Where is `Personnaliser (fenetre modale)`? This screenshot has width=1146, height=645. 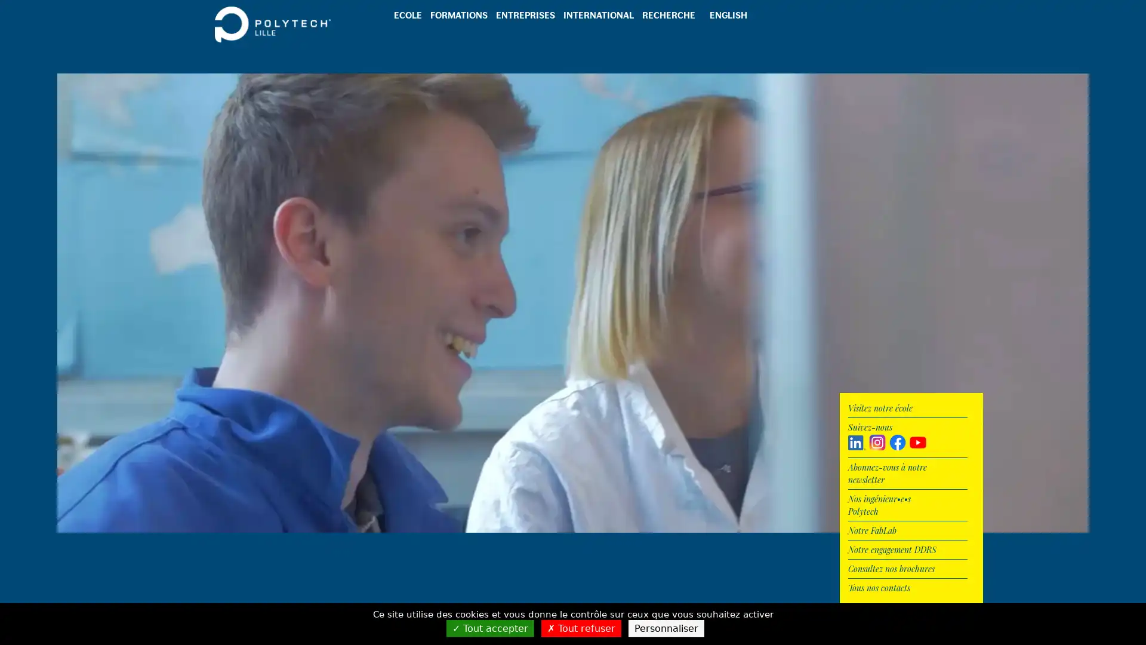
Personnaliser (fenetre modale) is located at coordinates (665, 628).